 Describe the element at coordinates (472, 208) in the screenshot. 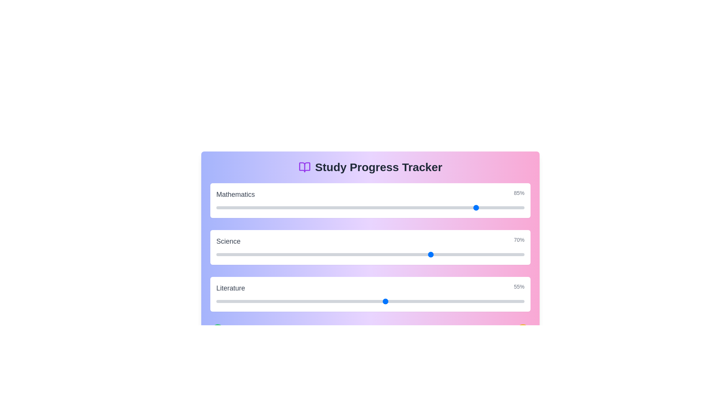

I see `the Mathematics progress slider to 83%` at that location.